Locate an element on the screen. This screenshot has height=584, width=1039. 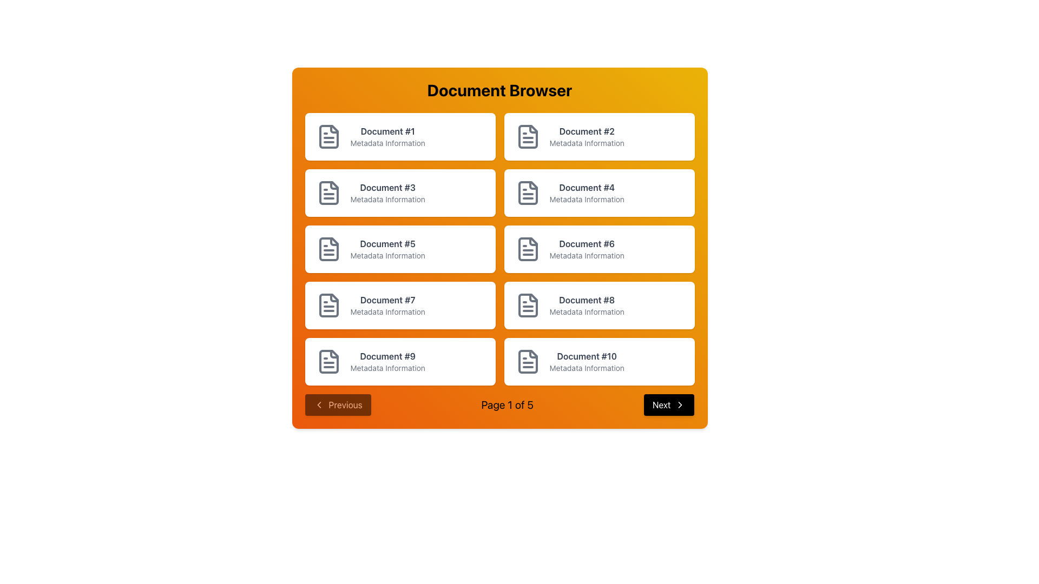
the text label displaying 'Metadata Information', which is styled in a smaller gray font and located beneath 'Document #4' in a card layout within the 'Document Browser' interface is located at coordinates (586, 200).